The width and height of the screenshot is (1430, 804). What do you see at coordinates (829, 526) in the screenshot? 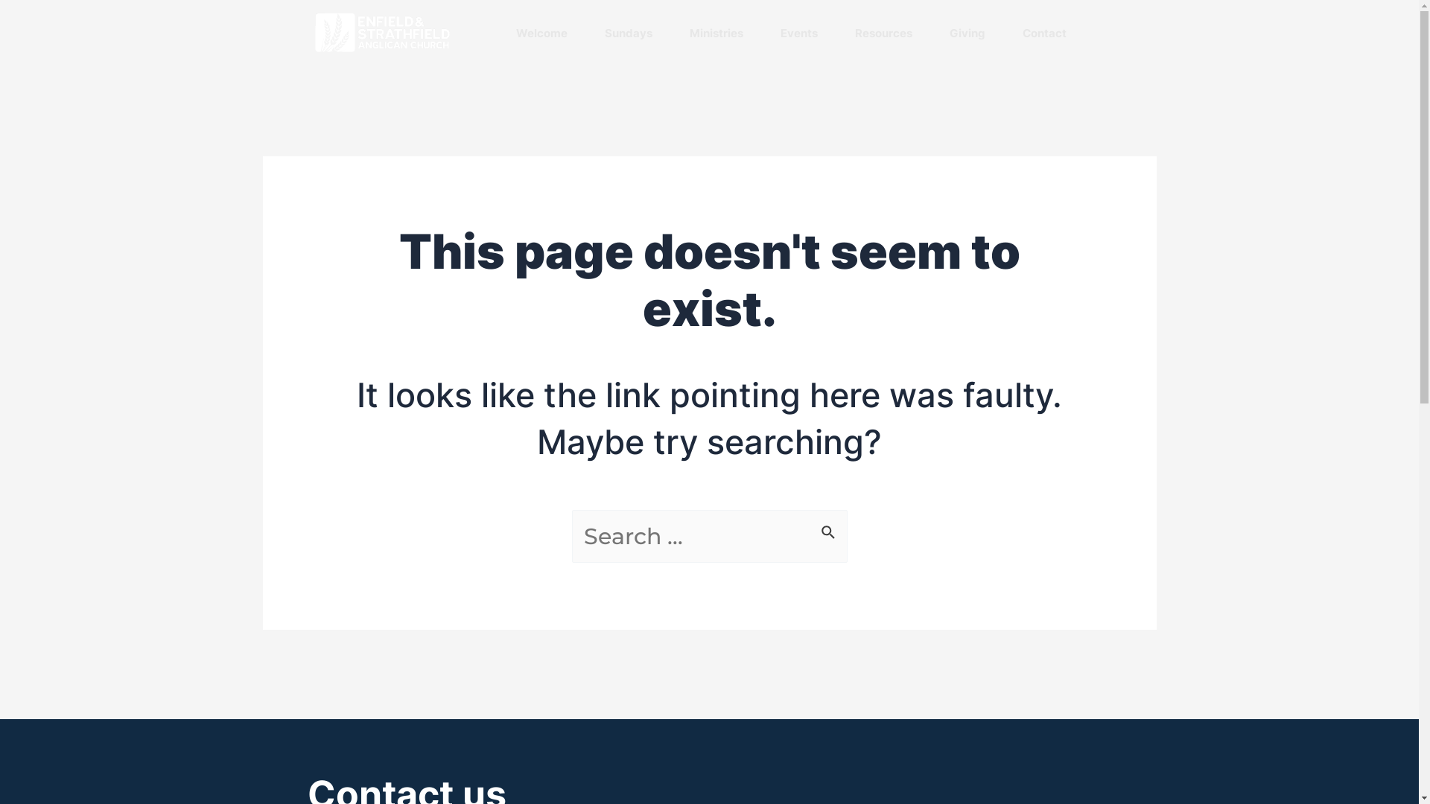
I see `'Search'` at bounding box center [829, 526].